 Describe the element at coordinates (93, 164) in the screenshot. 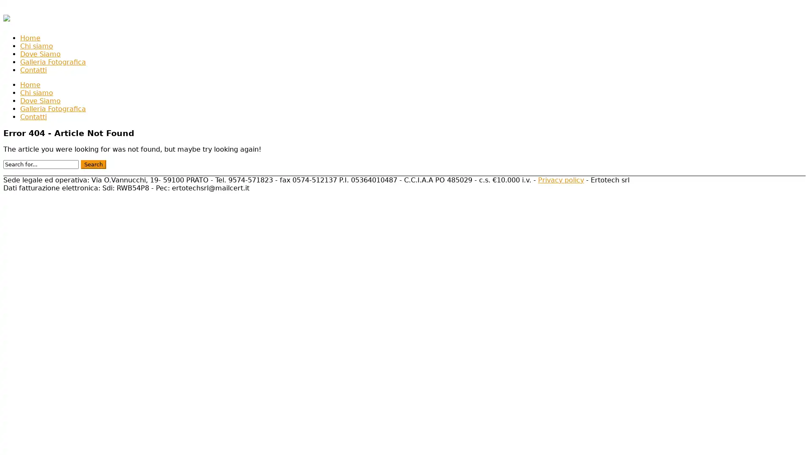

I see `Search` at that location.